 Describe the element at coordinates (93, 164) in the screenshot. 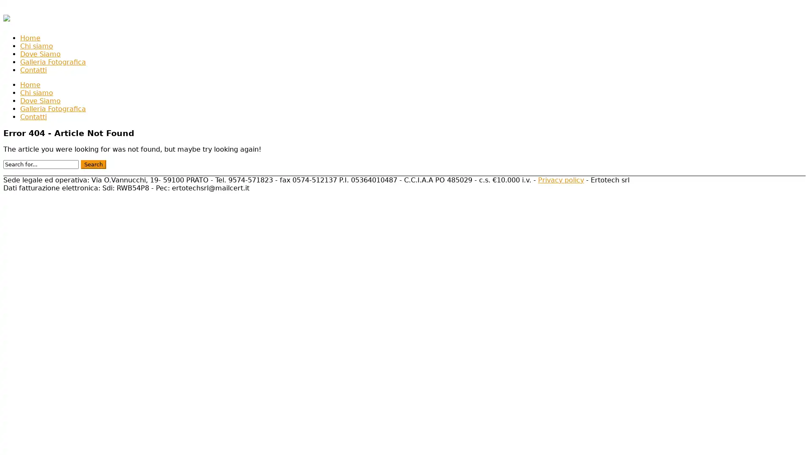

I see `Search` at that location.